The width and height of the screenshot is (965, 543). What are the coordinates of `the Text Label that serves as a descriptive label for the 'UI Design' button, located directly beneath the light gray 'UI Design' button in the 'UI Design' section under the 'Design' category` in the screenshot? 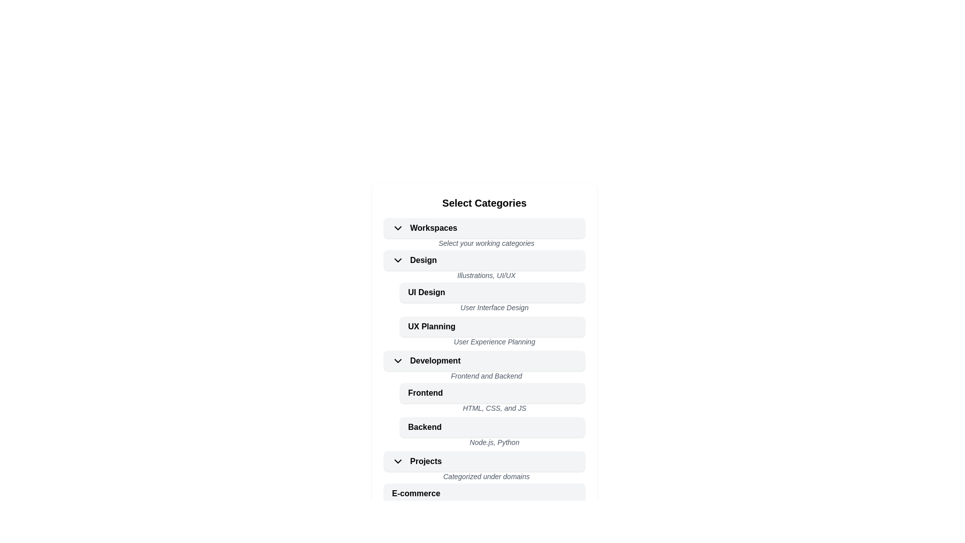 It's located at (492, 308).